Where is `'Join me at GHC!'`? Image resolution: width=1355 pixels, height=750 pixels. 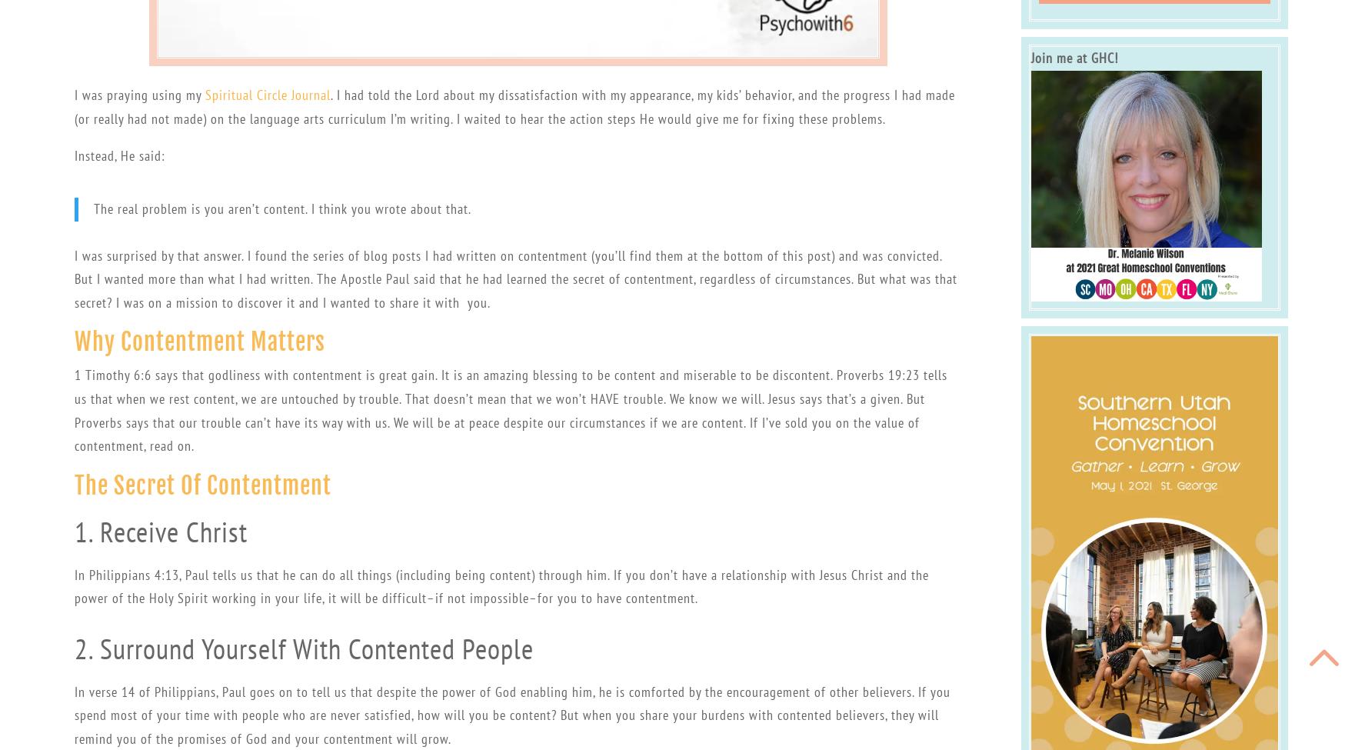 'Join me at GHC!' is located at coordinates (1073, 57).